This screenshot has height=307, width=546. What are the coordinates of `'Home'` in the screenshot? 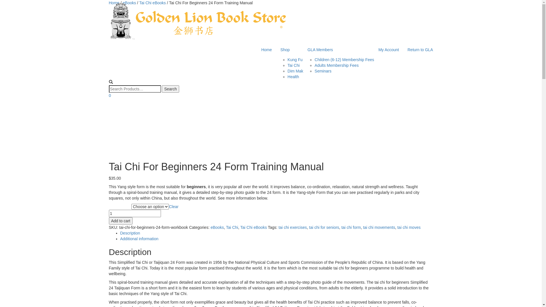 It's located at (266, 49).